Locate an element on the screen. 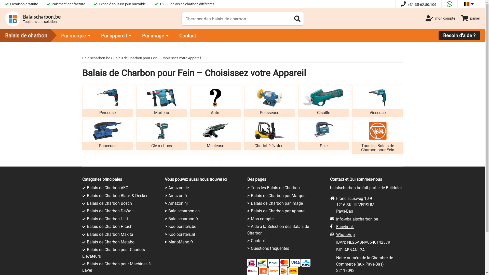 The width and height of the screenshot is (489, 275). 'panier' is located at coordinates (461, 18).